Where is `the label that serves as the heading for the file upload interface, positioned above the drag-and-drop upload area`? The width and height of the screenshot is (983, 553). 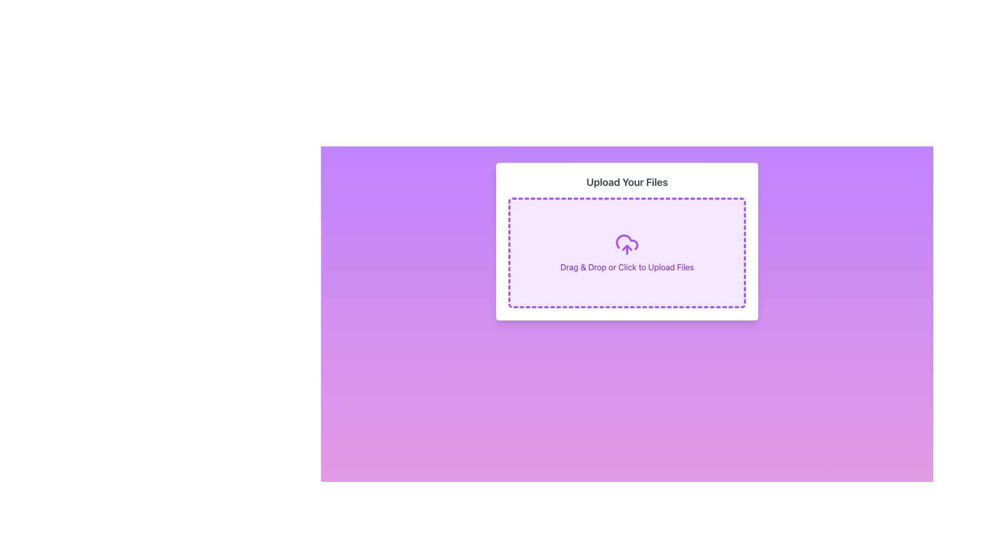
the label that serves as the heading for the file upload interface, positioned above the drag-and-drop upload area is located at coordinates (626, 181).